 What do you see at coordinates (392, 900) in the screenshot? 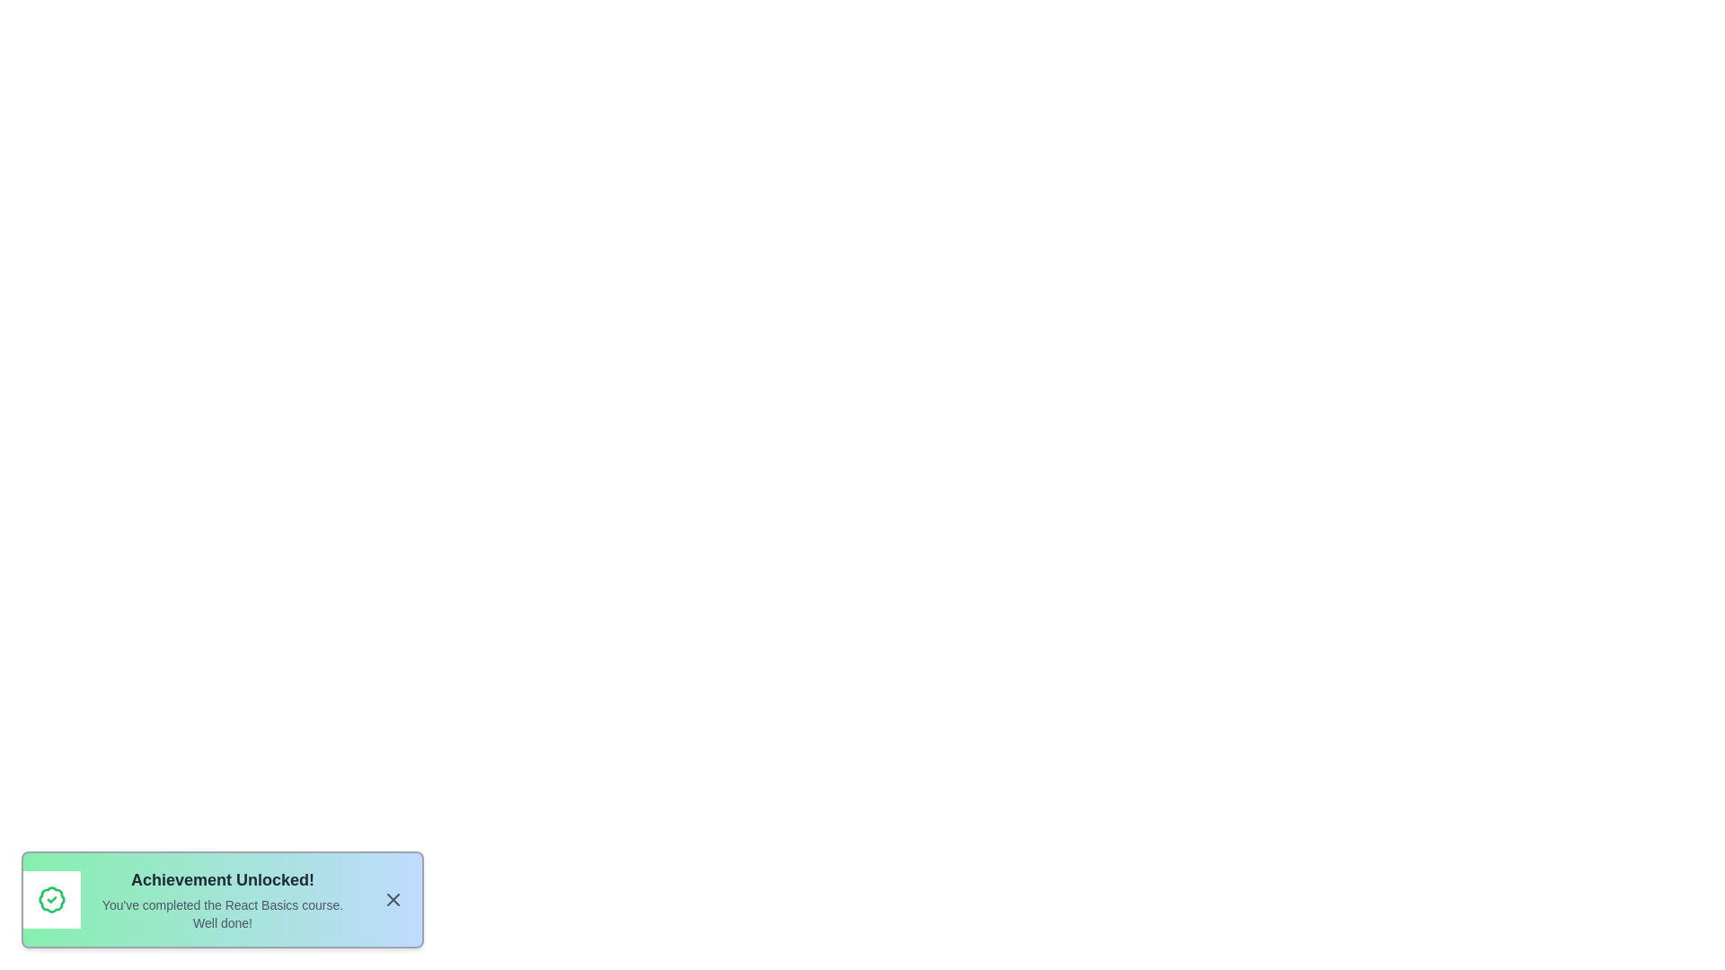
I see `the close button to dismiss the snackbar` at bounding box center [392, 900].